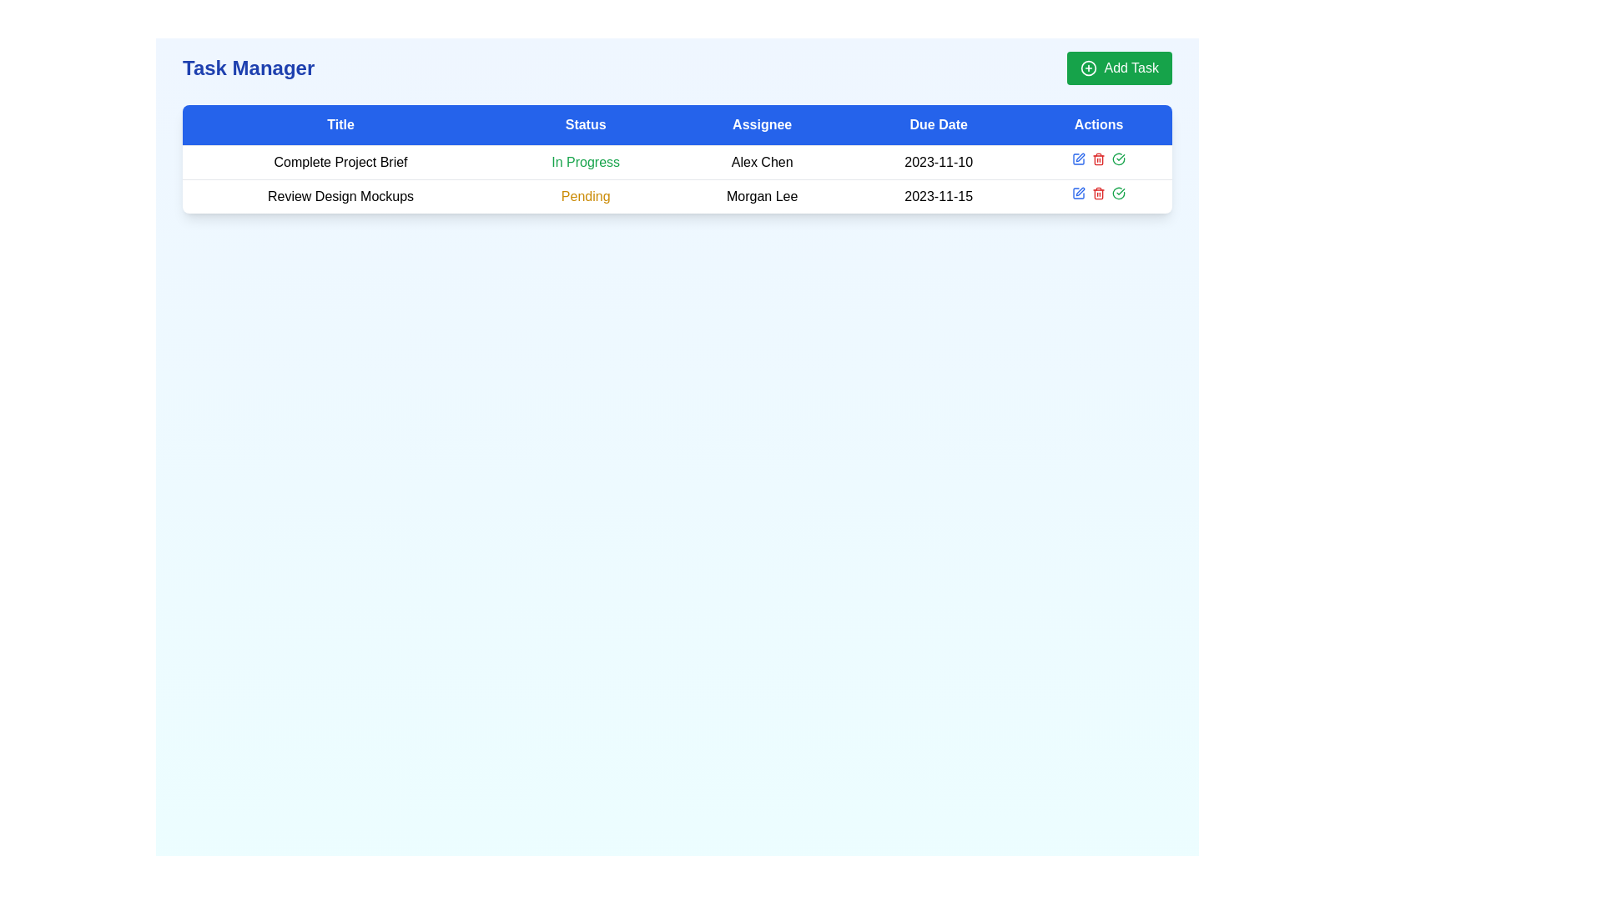 This screenshot has width=1602, height=901. I want to click on the trash can icon within the action cluster for the task 'Complete Project Brief', so click(1099, 159).